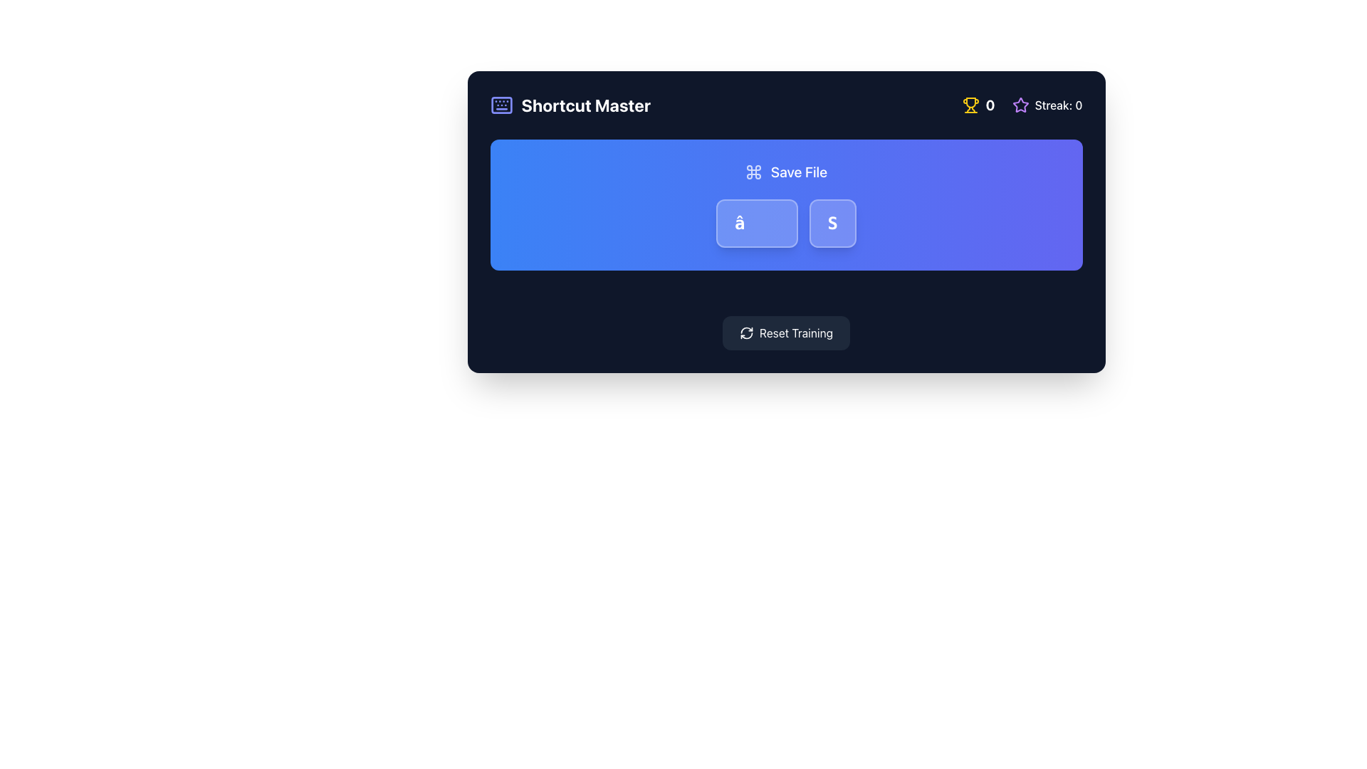 Image resolution: width=1367 pixels, height=769 pixels. What do you see at coordinates (990, 104) in the screenshot?
I see `the numeric text '0' displayed in bold white font located at the top right corner of the UI, adjacent to a trophy icon` at bounding box center [990, 104].